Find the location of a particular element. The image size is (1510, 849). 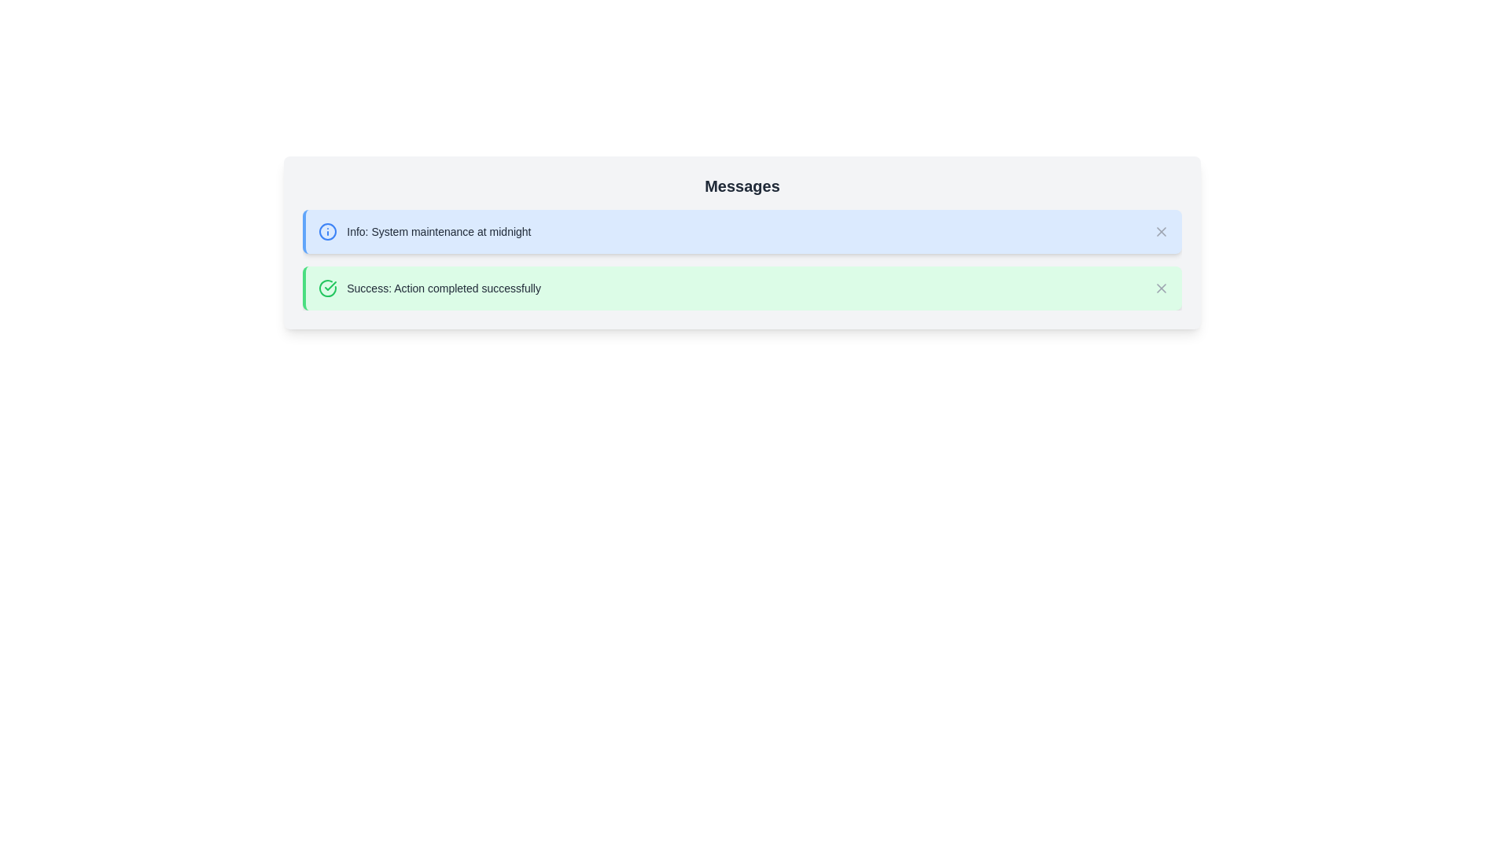

text notification that indicates an action was successfully performed, located in the green notification box below the blue notification bar is located at coordinates (429, 288).